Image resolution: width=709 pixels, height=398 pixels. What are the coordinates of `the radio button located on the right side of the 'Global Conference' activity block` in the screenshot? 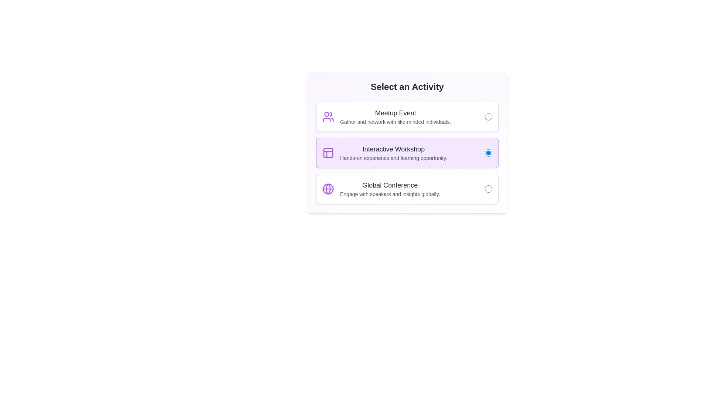 It's located at (489, 189).